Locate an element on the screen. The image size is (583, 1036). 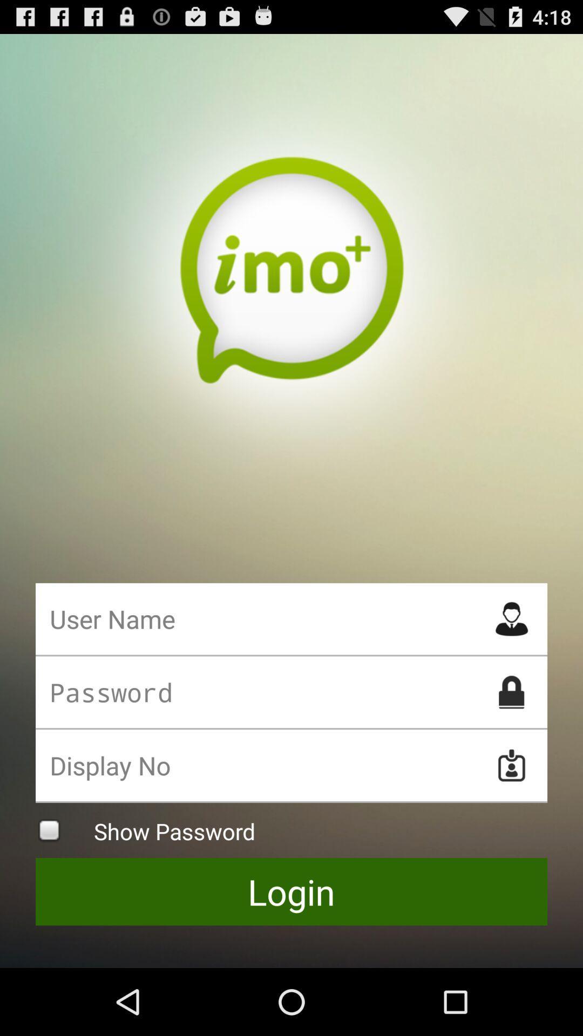
item below the show password item is located at coordinates (291, 891).